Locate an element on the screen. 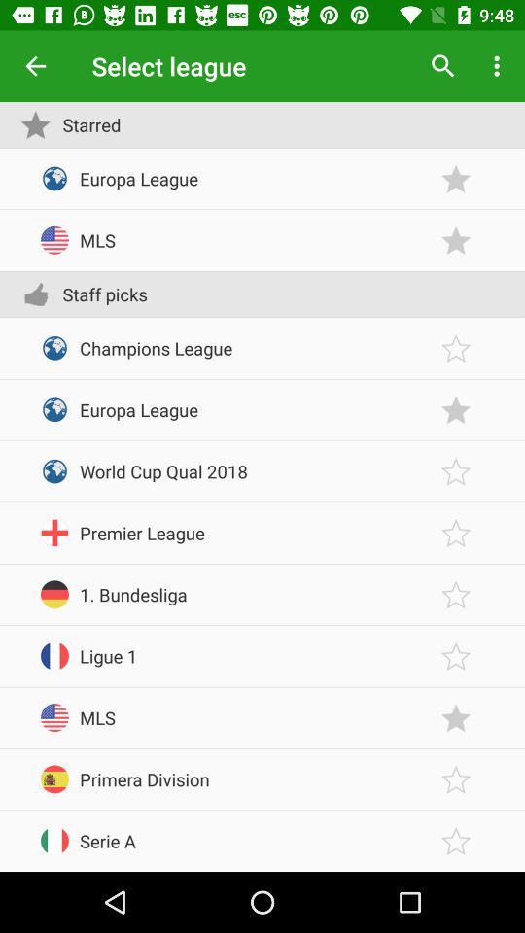  item next to select league is located at coordinates (35, 66).